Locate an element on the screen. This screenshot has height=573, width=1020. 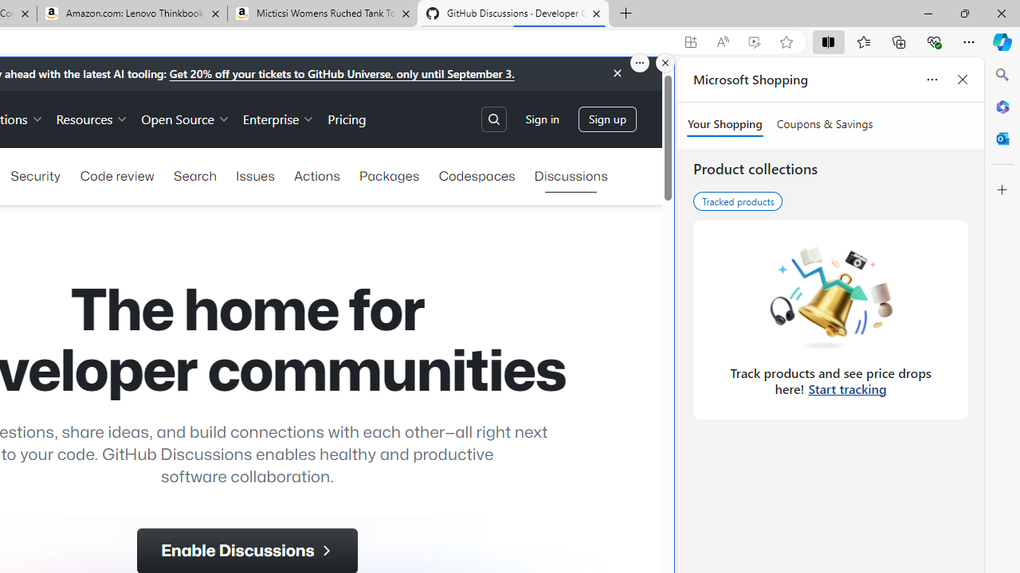
'Open Source' is located at coordinates (185, 118).